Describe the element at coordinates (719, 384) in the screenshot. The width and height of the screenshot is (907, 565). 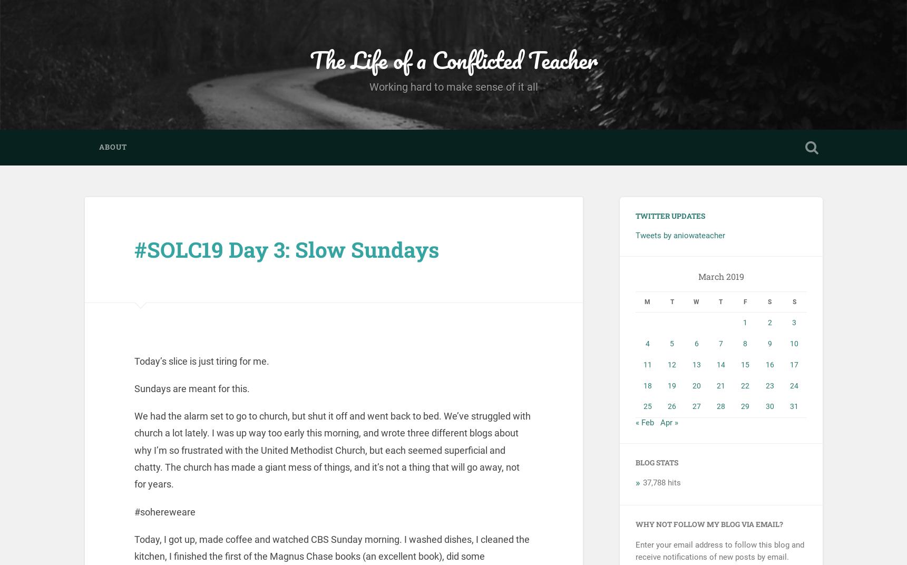
I see `'21'` at that location.